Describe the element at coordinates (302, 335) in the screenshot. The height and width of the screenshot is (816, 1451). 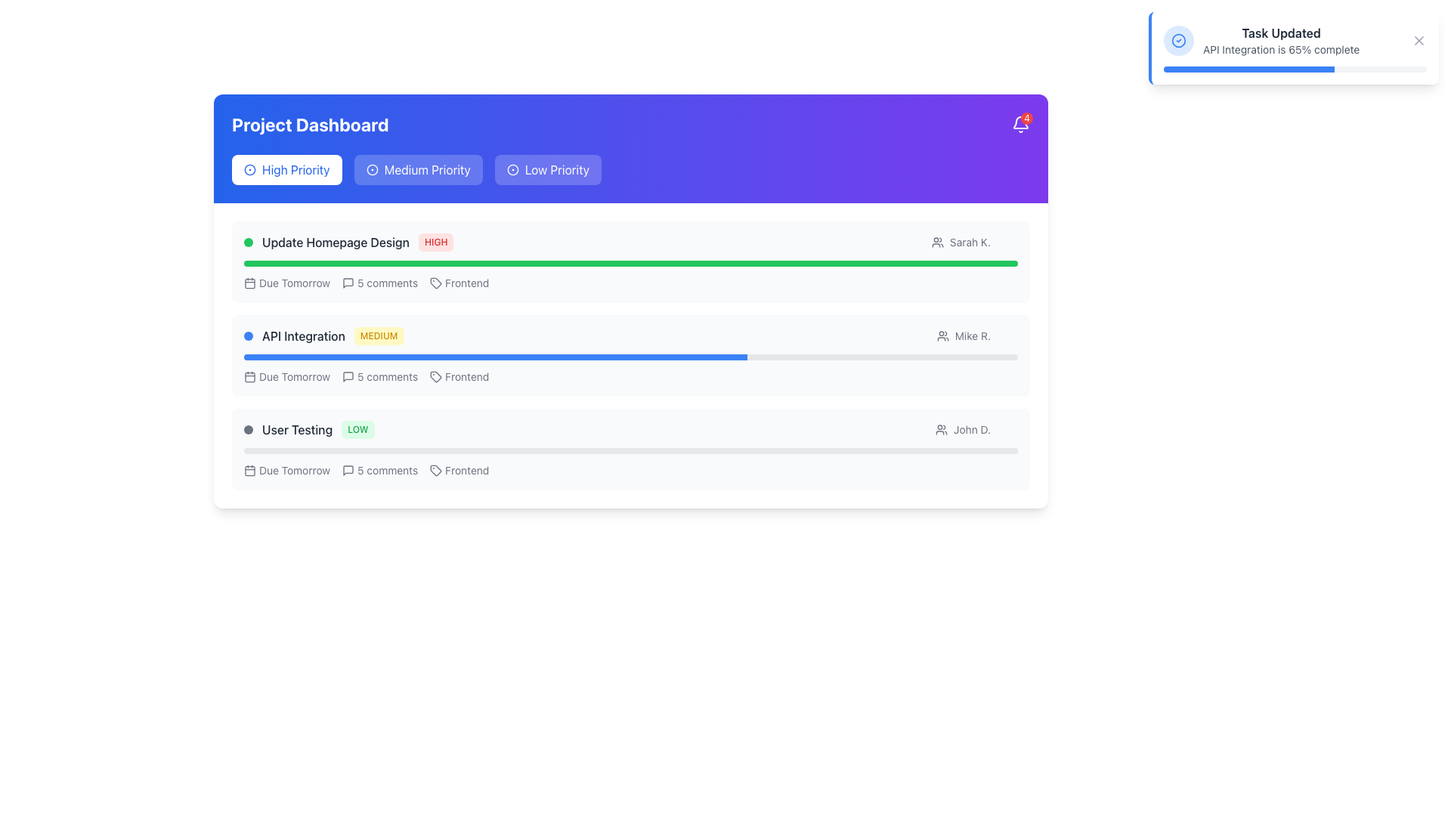
I see `text label that serves as a heading for the task or project entry, located in the second row of the vertical list structure, aligned between a circular blue indicator and a 'MEDIUM' label` at that location.